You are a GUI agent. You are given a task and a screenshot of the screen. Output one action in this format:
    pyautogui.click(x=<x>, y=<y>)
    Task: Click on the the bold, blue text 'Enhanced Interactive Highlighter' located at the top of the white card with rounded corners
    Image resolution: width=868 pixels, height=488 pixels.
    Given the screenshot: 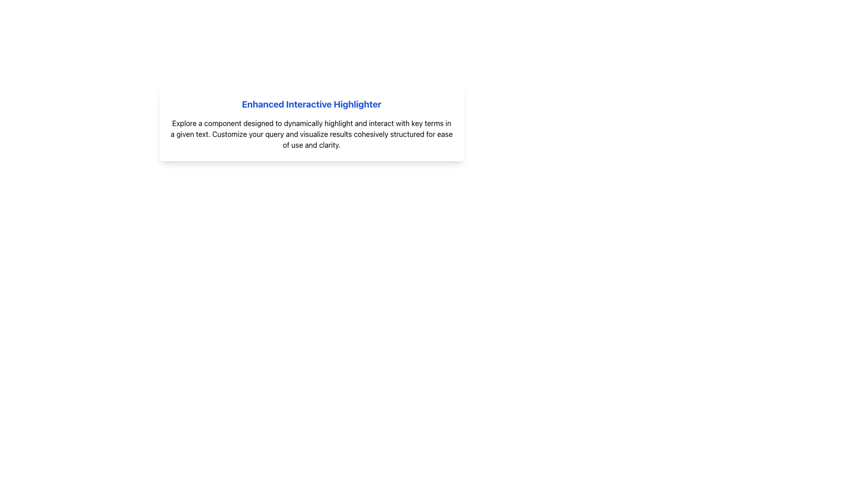 What is the action you would take?
    pyautogui.click(x=311, y=104)
    